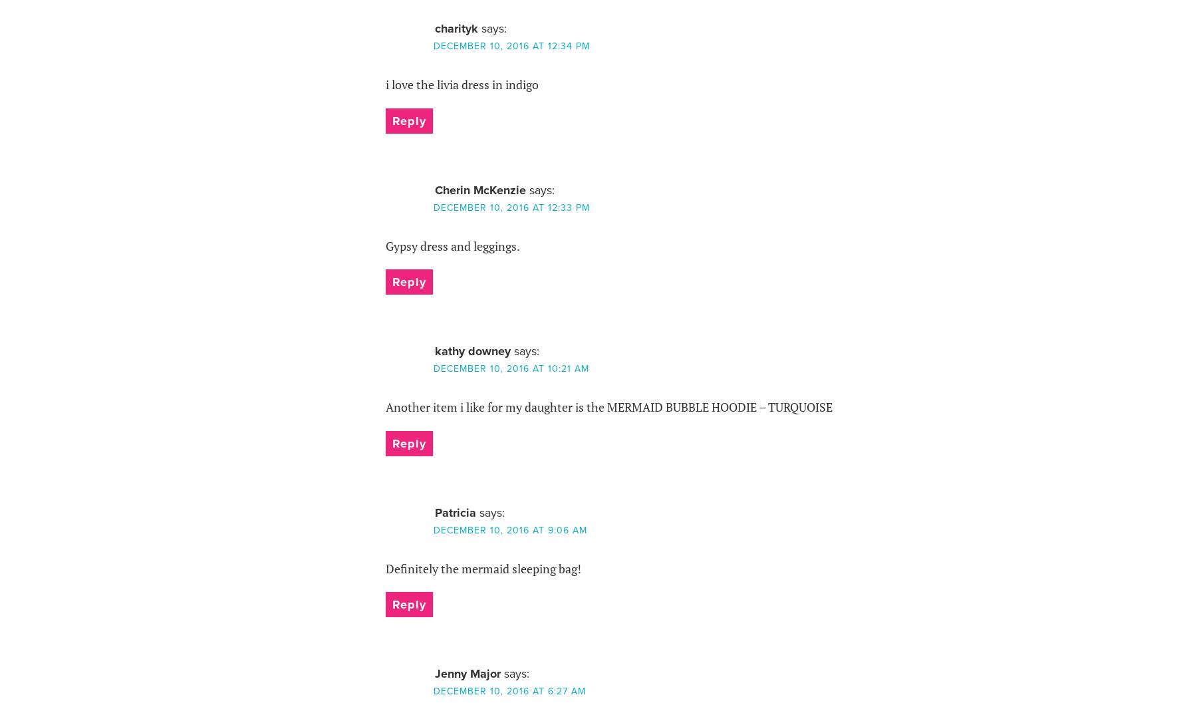 This screenshot has height=703, width=1197. What do you see at coordinates (510, 368) in the screenshot?
I see `'December 10, 2016 at 10:21 am'` at bounding box center [510, 368].